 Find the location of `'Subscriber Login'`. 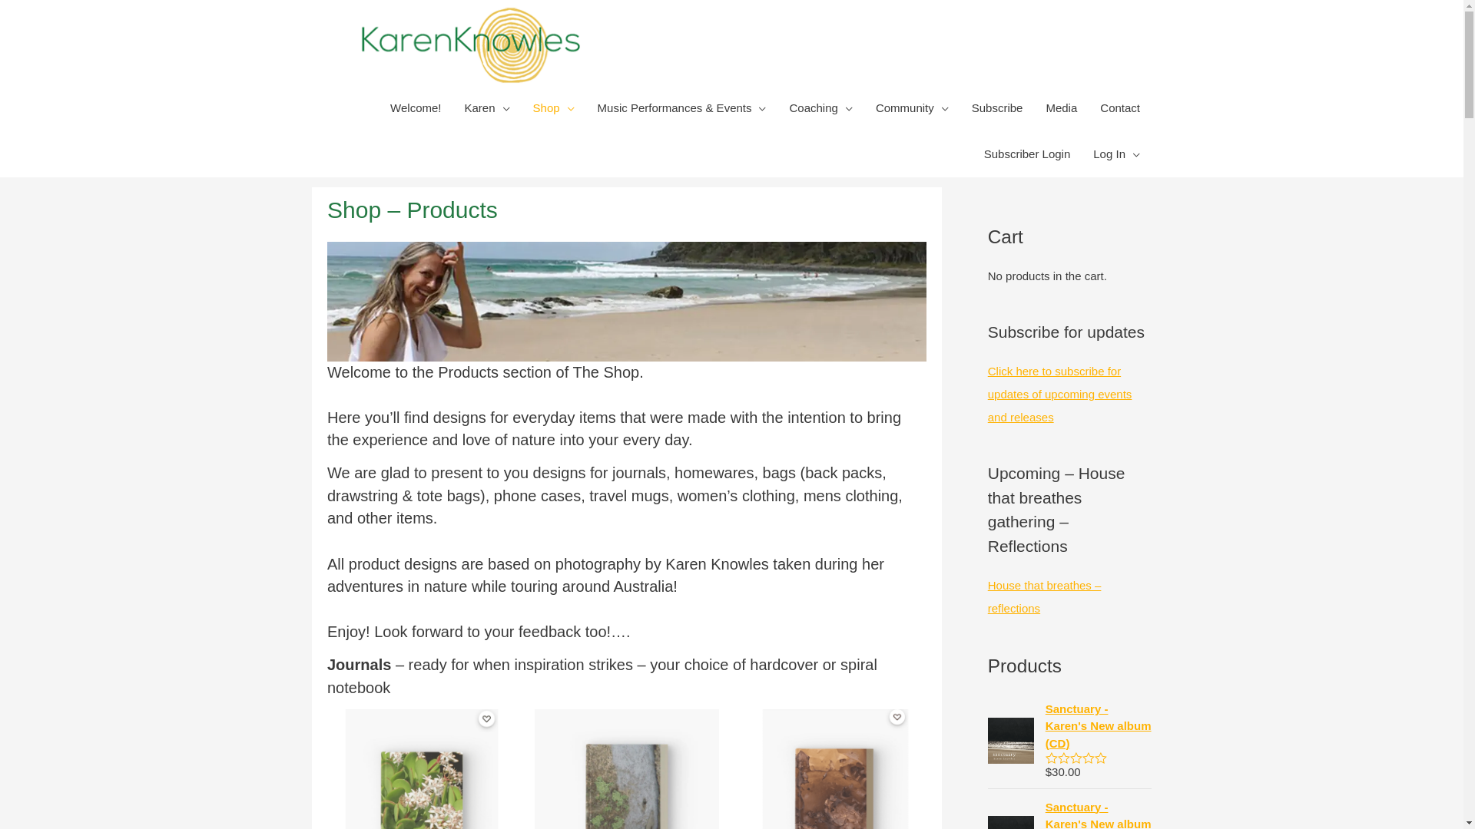

'Subscriber Login' is located at coordinates (1027, 154).